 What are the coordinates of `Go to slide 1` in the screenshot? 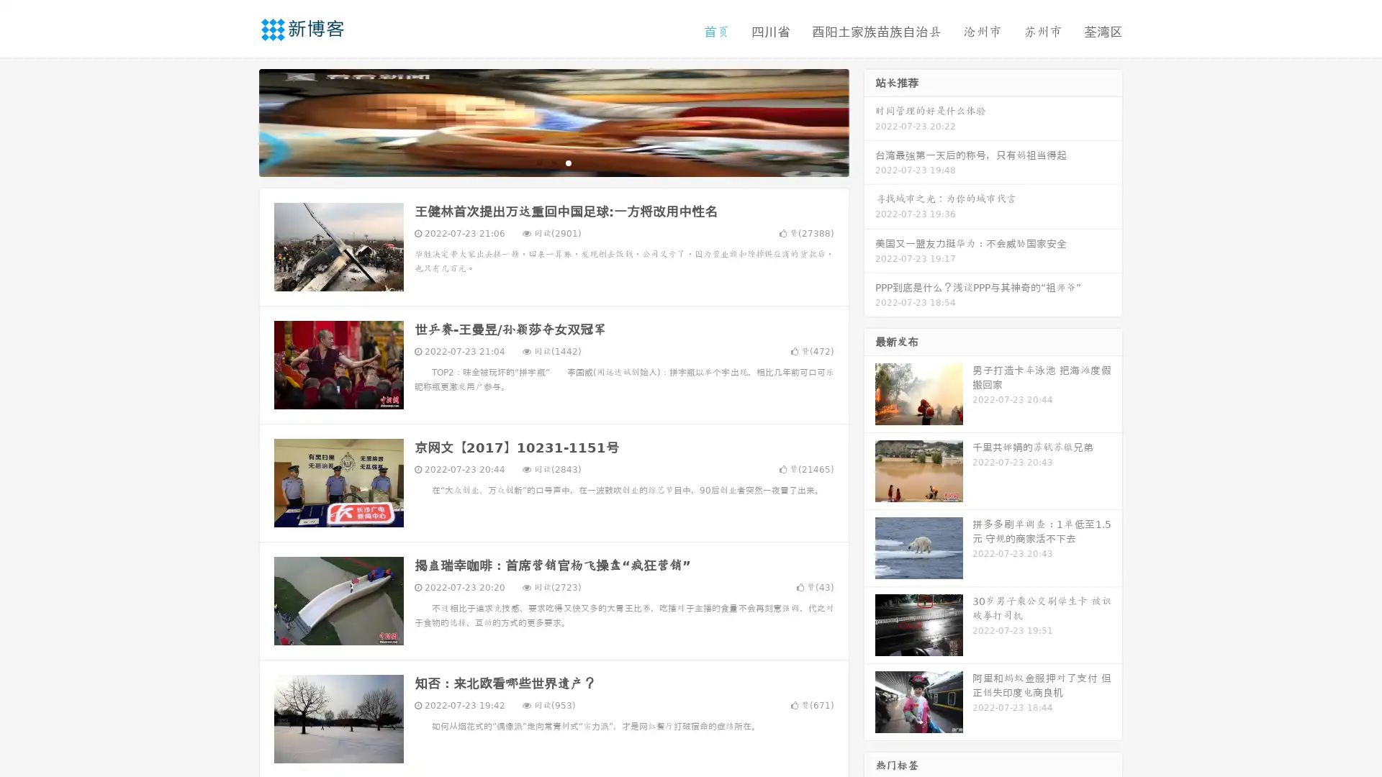 It's located at (538, 162).